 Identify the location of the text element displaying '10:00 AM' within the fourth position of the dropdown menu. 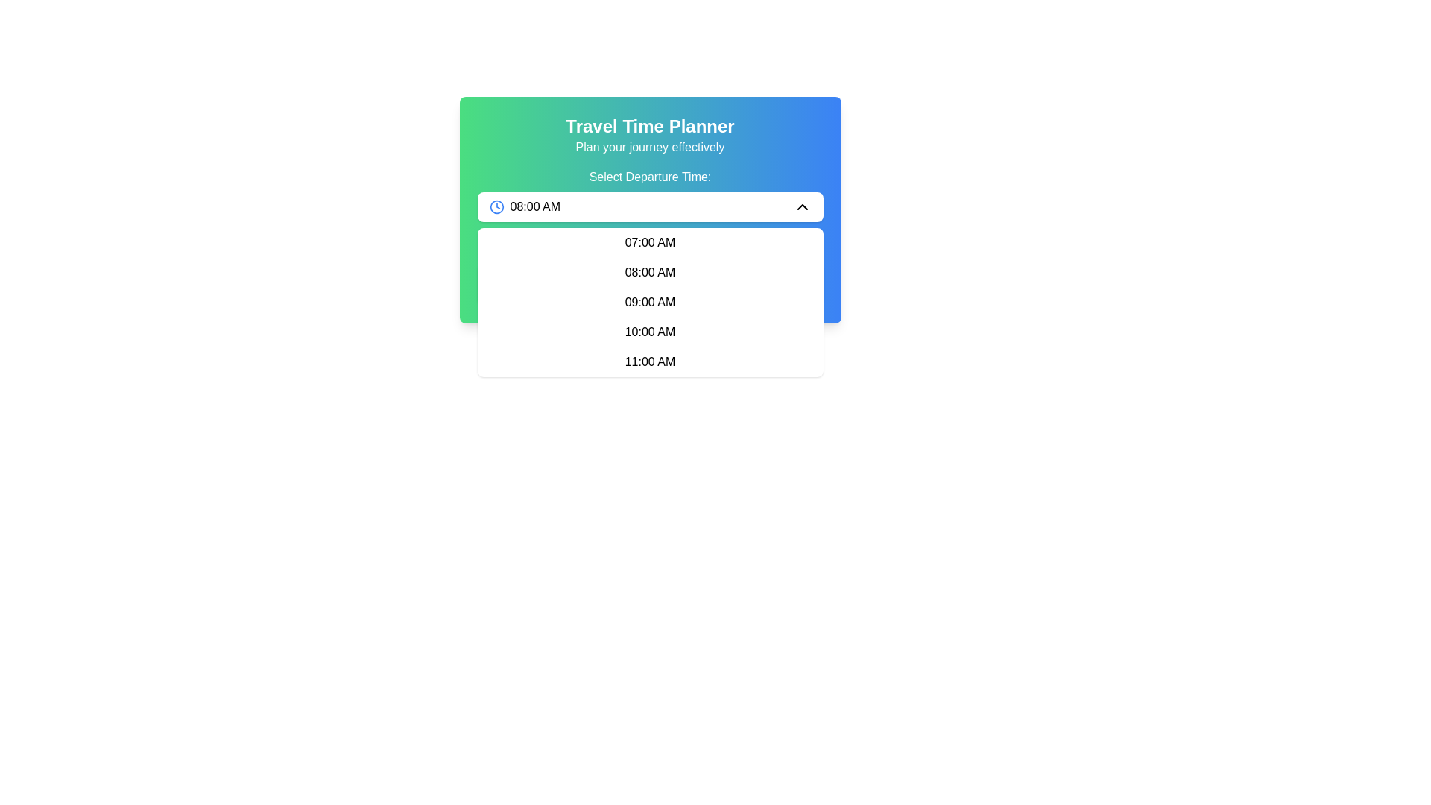
(650, 332).